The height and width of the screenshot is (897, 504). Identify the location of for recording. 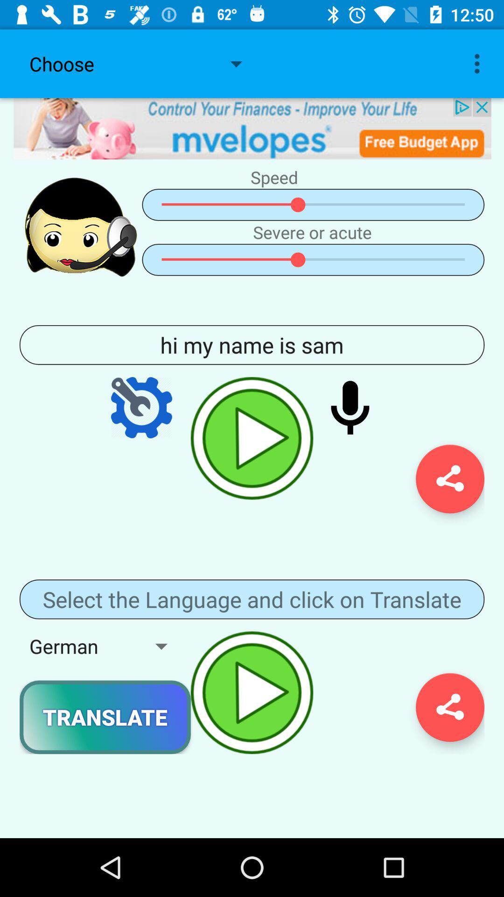
(350, 407).